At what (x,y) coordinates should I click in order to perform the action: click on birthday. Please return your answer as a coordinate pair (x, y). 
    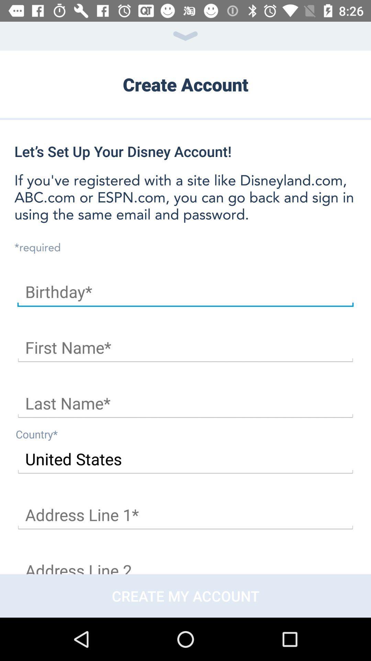
    Looking at the image, I should click on (185, 292).